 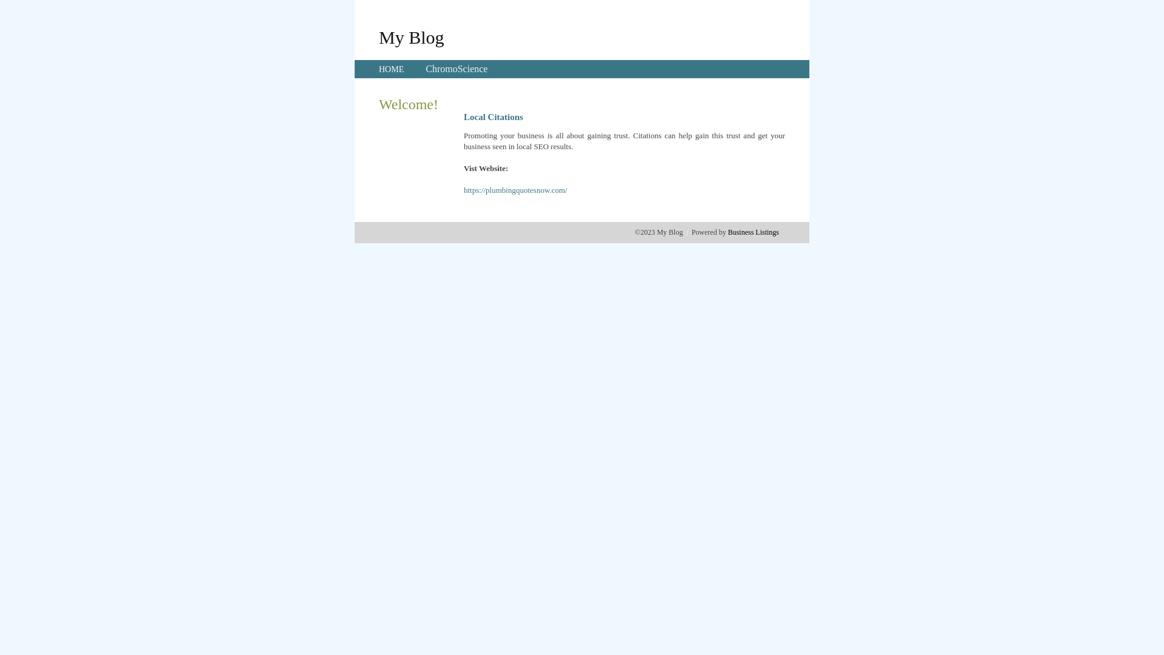 What do you see at coordinates (456, 69) in the screenshot?
I see `'ChromoScience'` at bounding box center [456, 69].